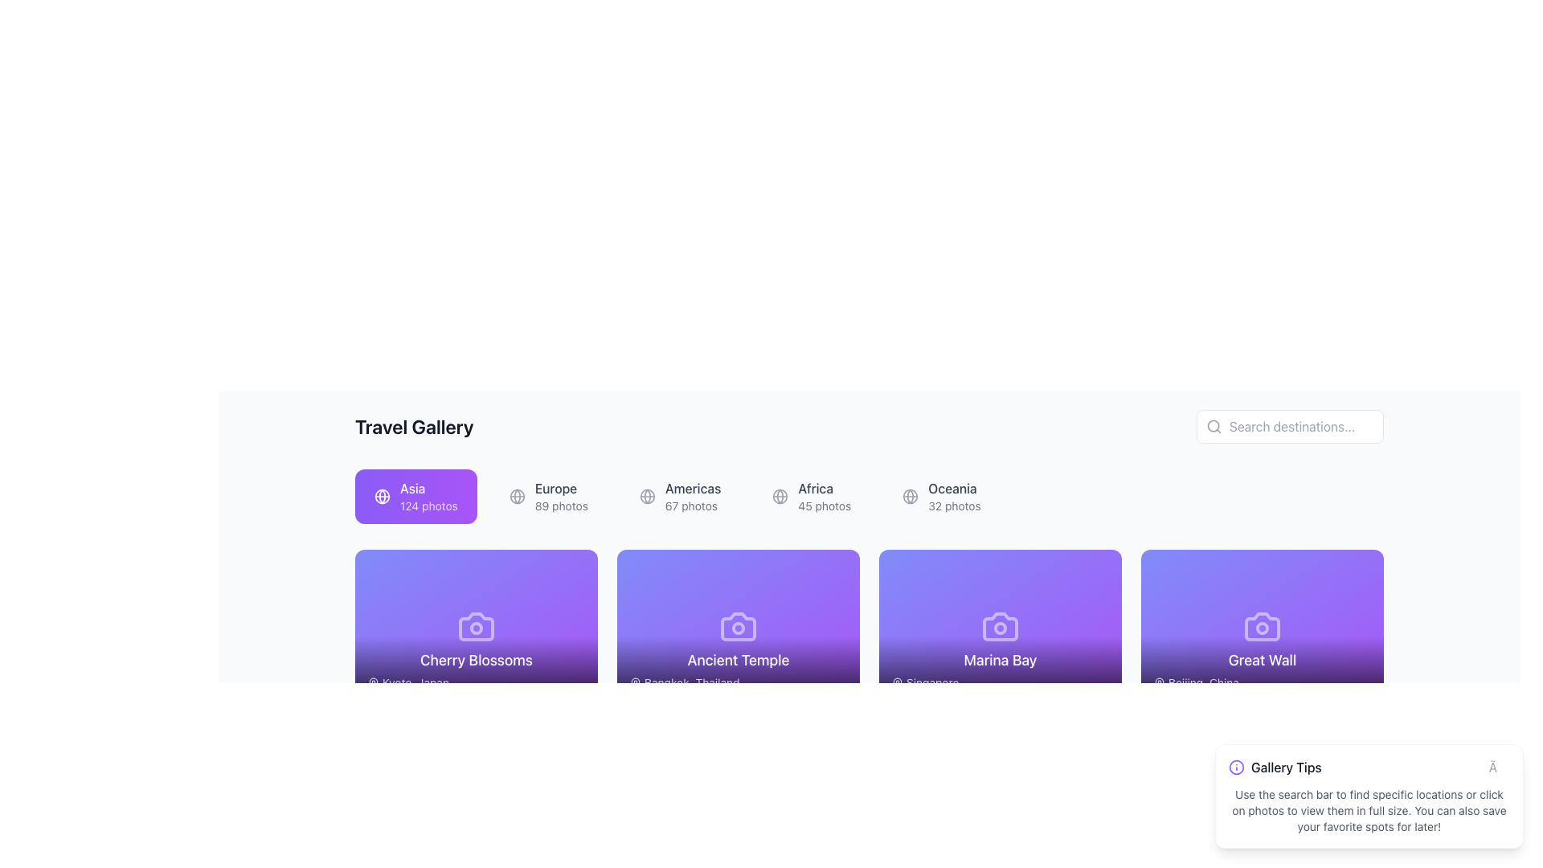 Image resolution: width=1543 pixels, height=868 pixels. Describe the element at coordinates (1061, 575) in the screenshot. I see `the circular 'share' button with a white background and three connected dots located at the top-right corner of the 'Marina Bay' card` at that location.